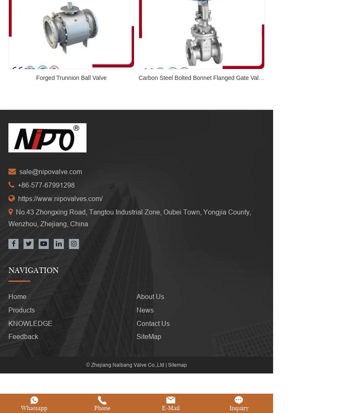  What do you see at coordinates (136, 309) in the screenshot?
I see `'News'` at bounding box center [136, 309].